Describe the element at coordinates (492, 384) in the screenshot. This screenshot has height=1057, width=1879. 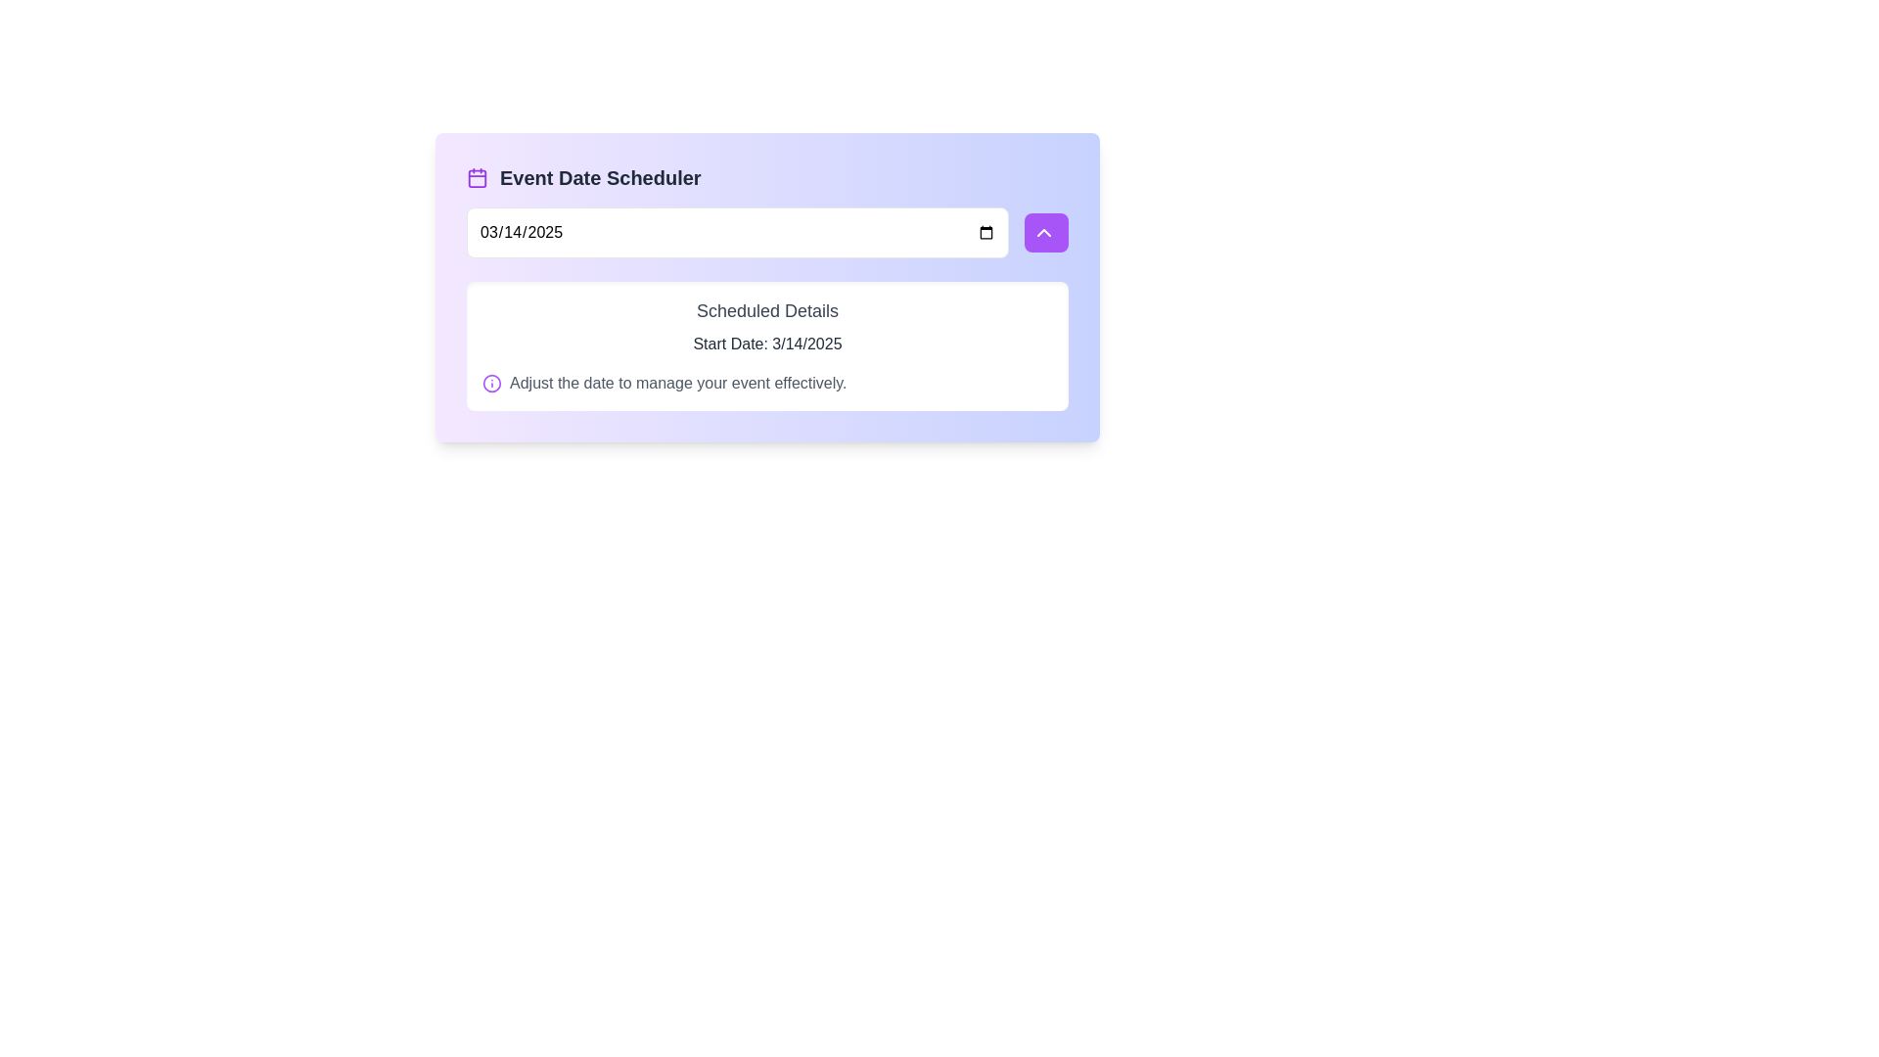
I see `the circular info icon bordered in purple, which features a white background and a central purple exclamation mark, located to the left of the text 'Adjust the date to manage your event effectively.'` at that location.